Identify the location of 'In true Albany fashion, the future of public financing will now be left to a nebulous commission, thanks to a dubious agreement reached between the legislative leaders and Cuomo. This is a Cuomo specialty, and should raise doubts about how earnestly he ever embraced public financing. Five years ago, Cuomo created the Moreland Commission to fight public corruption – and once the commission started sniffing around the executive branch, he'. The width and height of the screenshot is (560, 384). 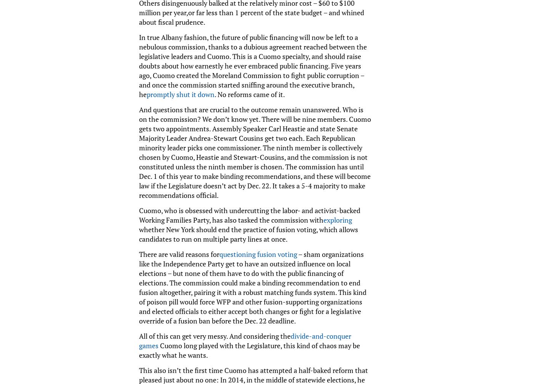
(252, 65).